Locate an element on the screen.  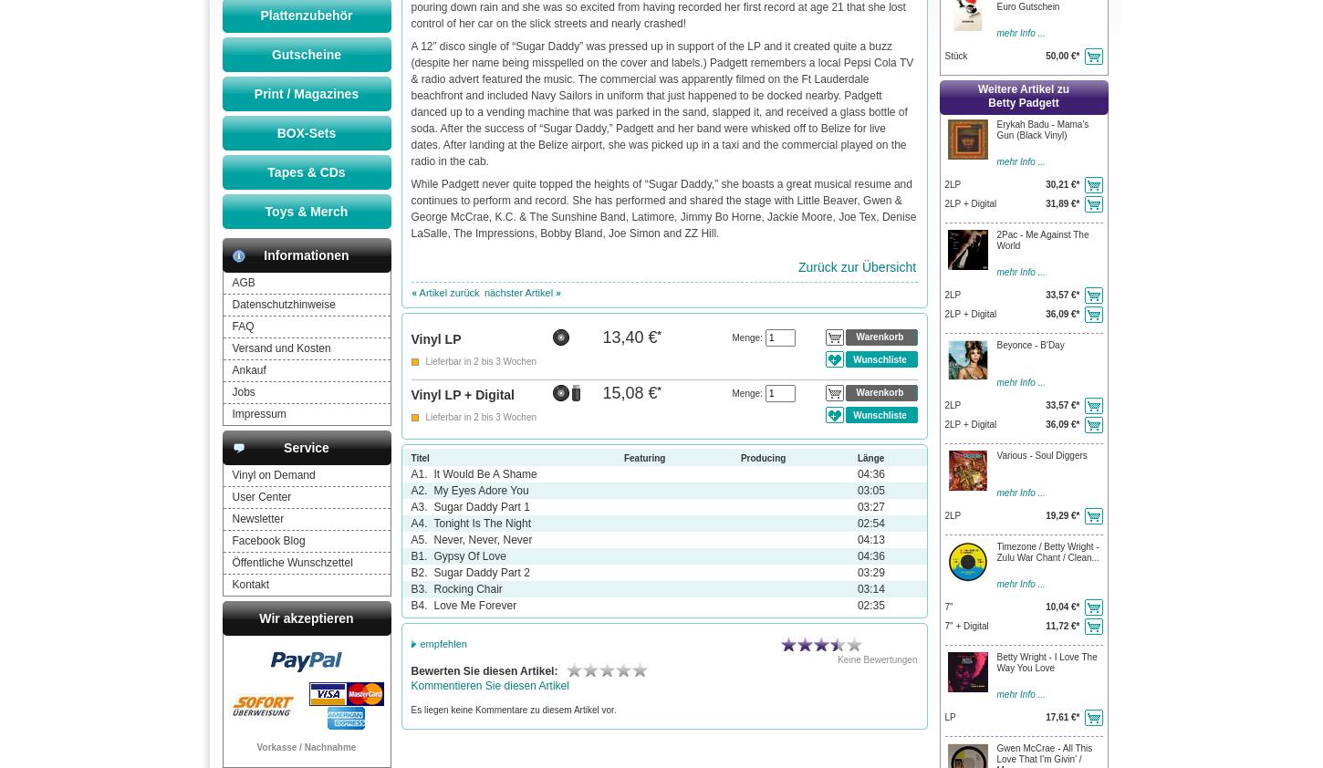
'Gutscheine' is located at coordinates (306, 54).